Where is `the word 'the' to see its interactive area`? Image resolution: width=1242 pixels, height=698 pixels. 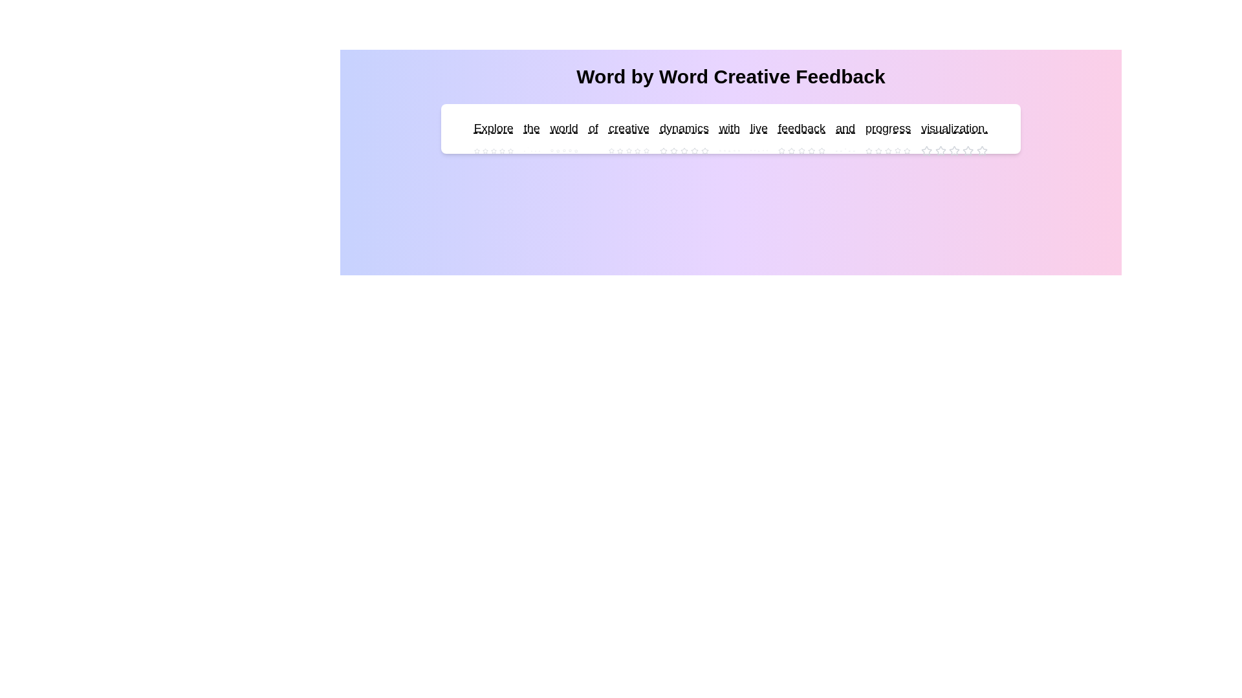
the word 'the' to see its interactive area is located at coordinates (532, 129).